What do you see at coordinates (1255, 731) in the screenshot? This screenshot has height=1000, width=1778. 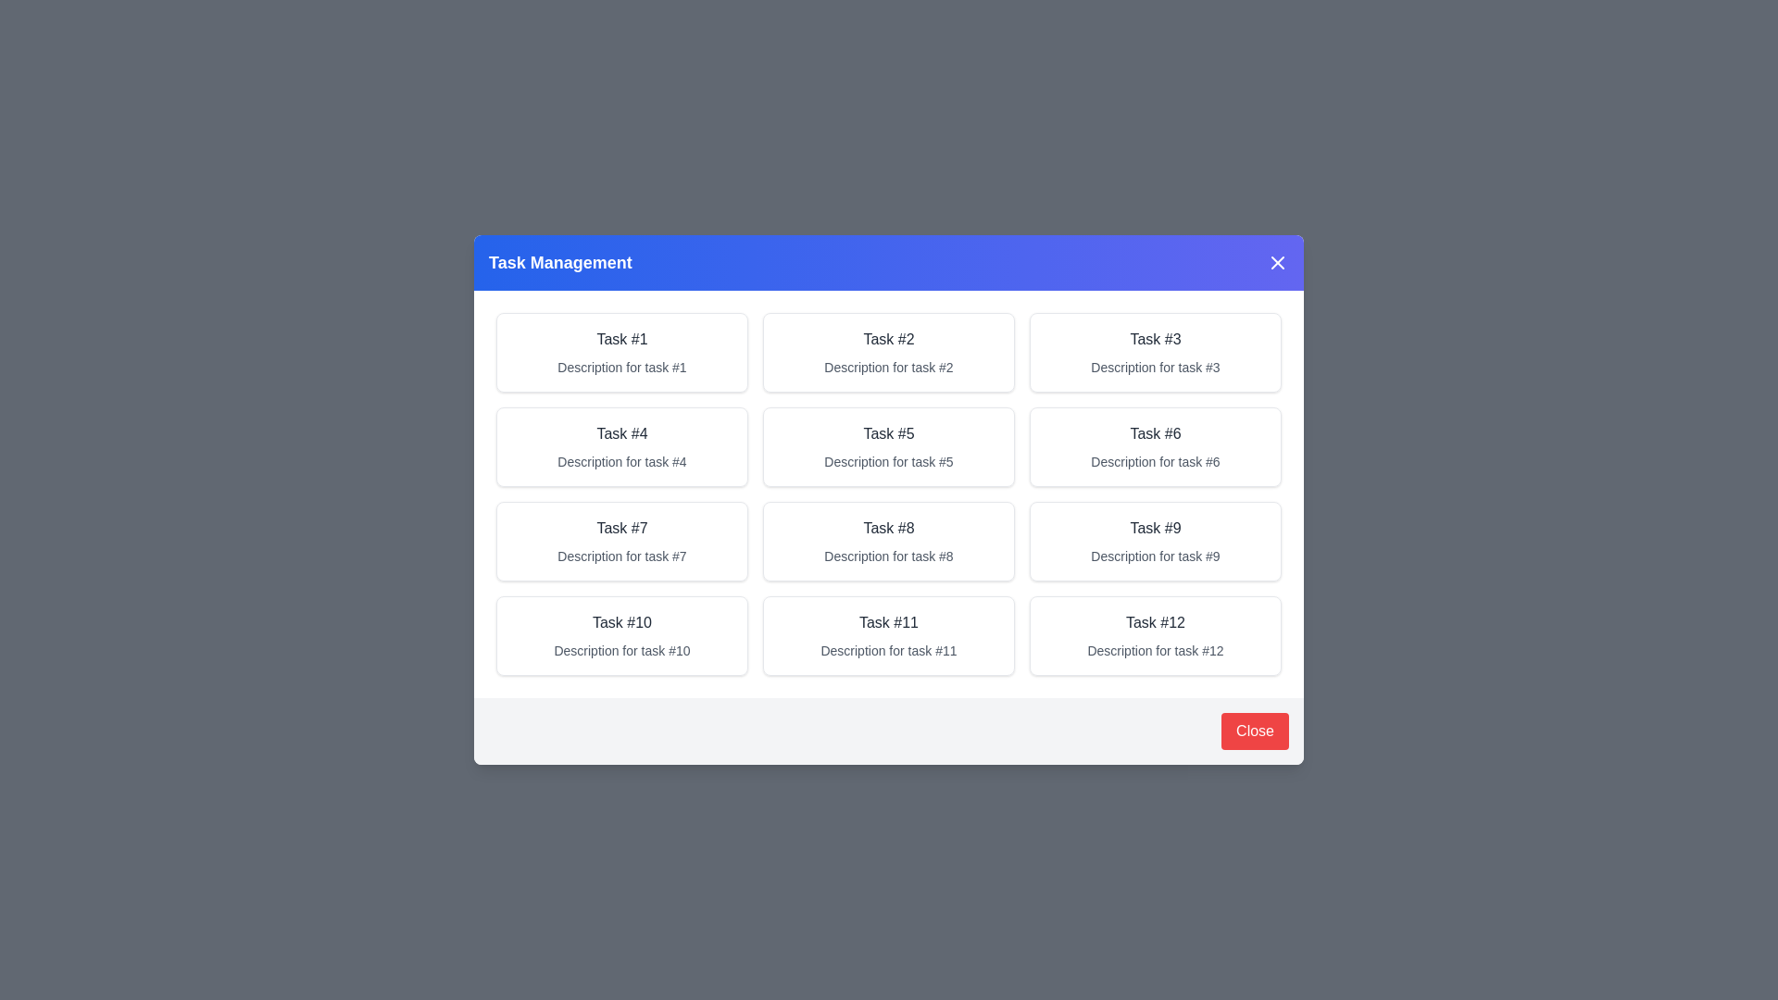 I see `the close button in the footer to close the dialog` at bounding box center [1255, 731].